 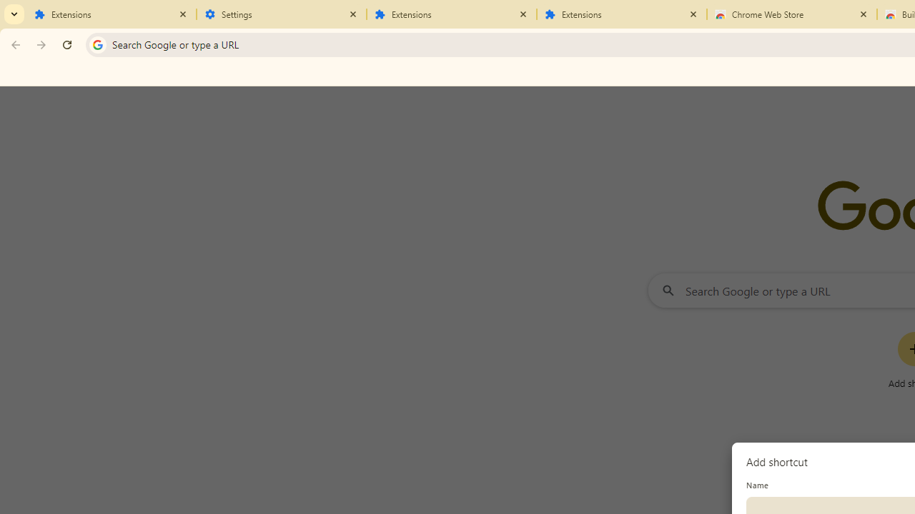 What do you see at coordinates (791, 14) in the screenshot?
I see `'Chrome Web Store'` at bounding box center [791, 14].